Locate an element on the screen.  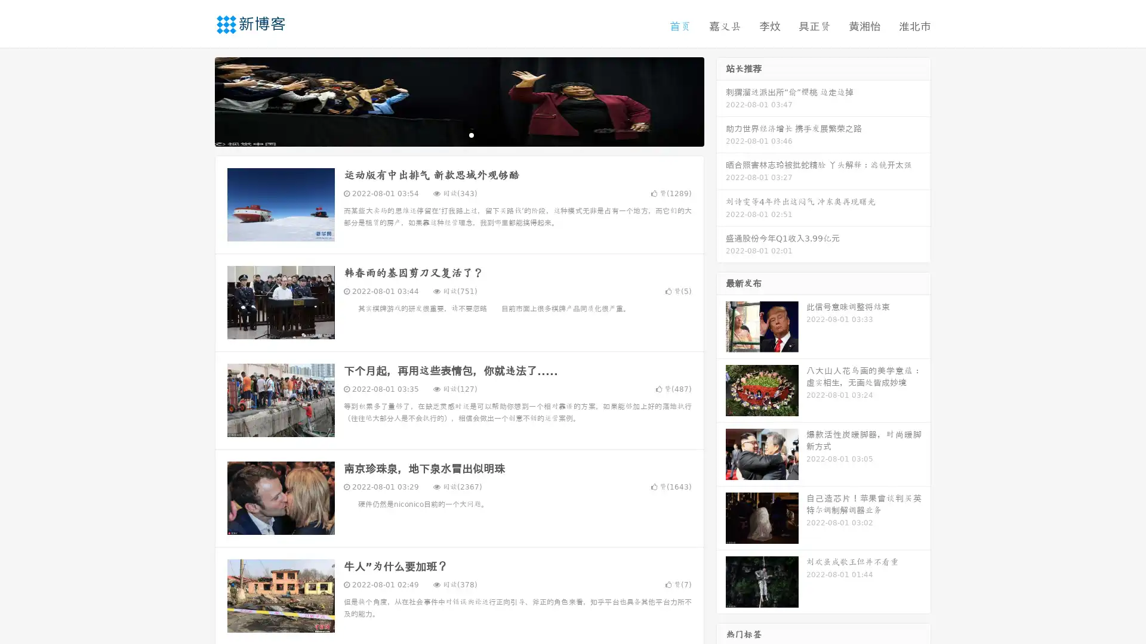
Go to slide 3 is located at coordinates (471, 134).